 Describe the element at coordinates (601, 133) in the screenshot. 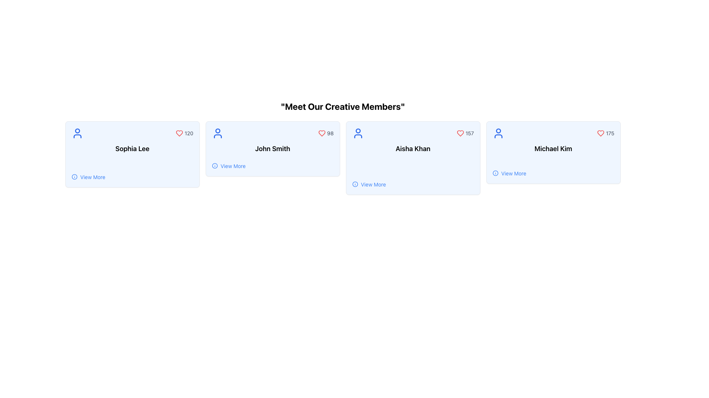

I see `the red heart-shaped icon, which is located to the left of the text '175' in the card labeled 'Michael Kim'` at that location.